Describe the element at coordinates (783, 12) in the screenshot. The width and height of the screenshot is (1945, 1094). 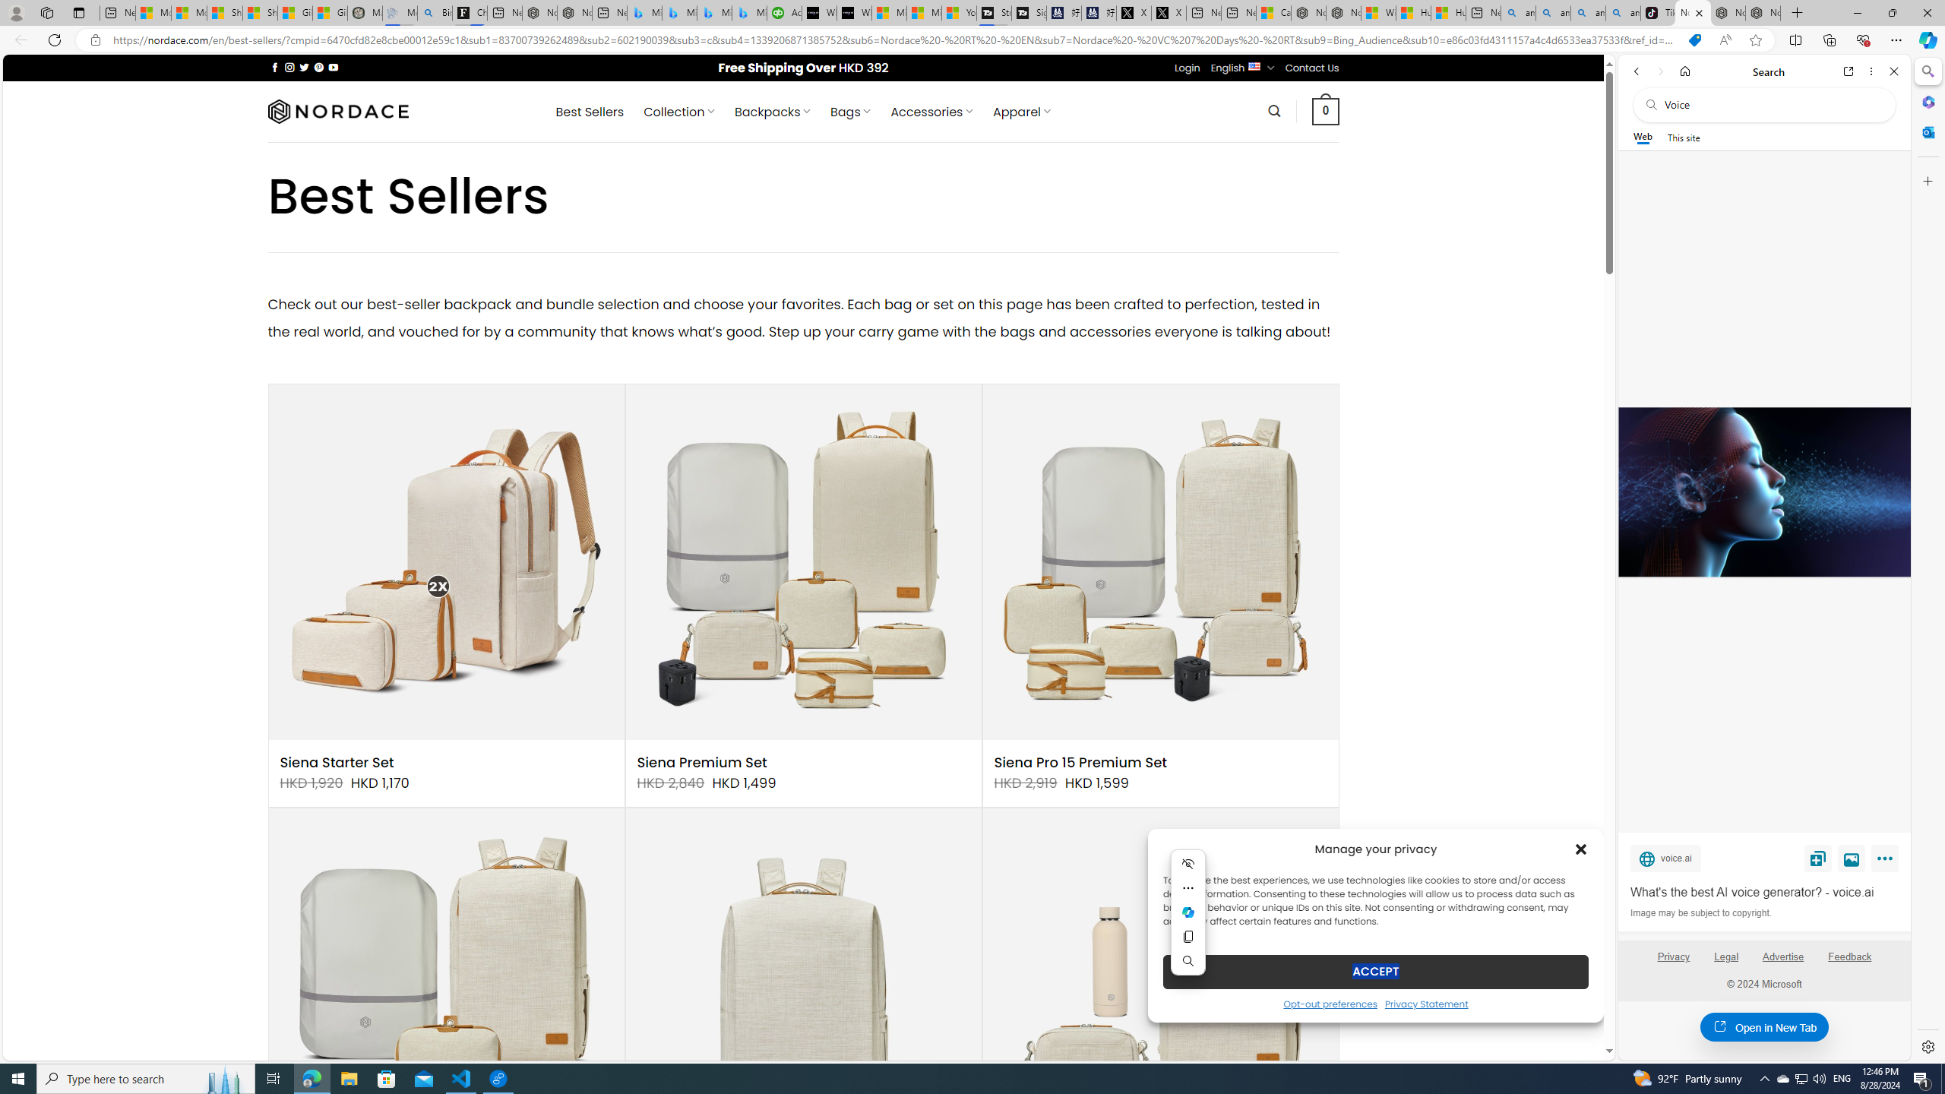
I see `'Accounting Software for Accountants, CPAs and Bookkeepers'` at that location.